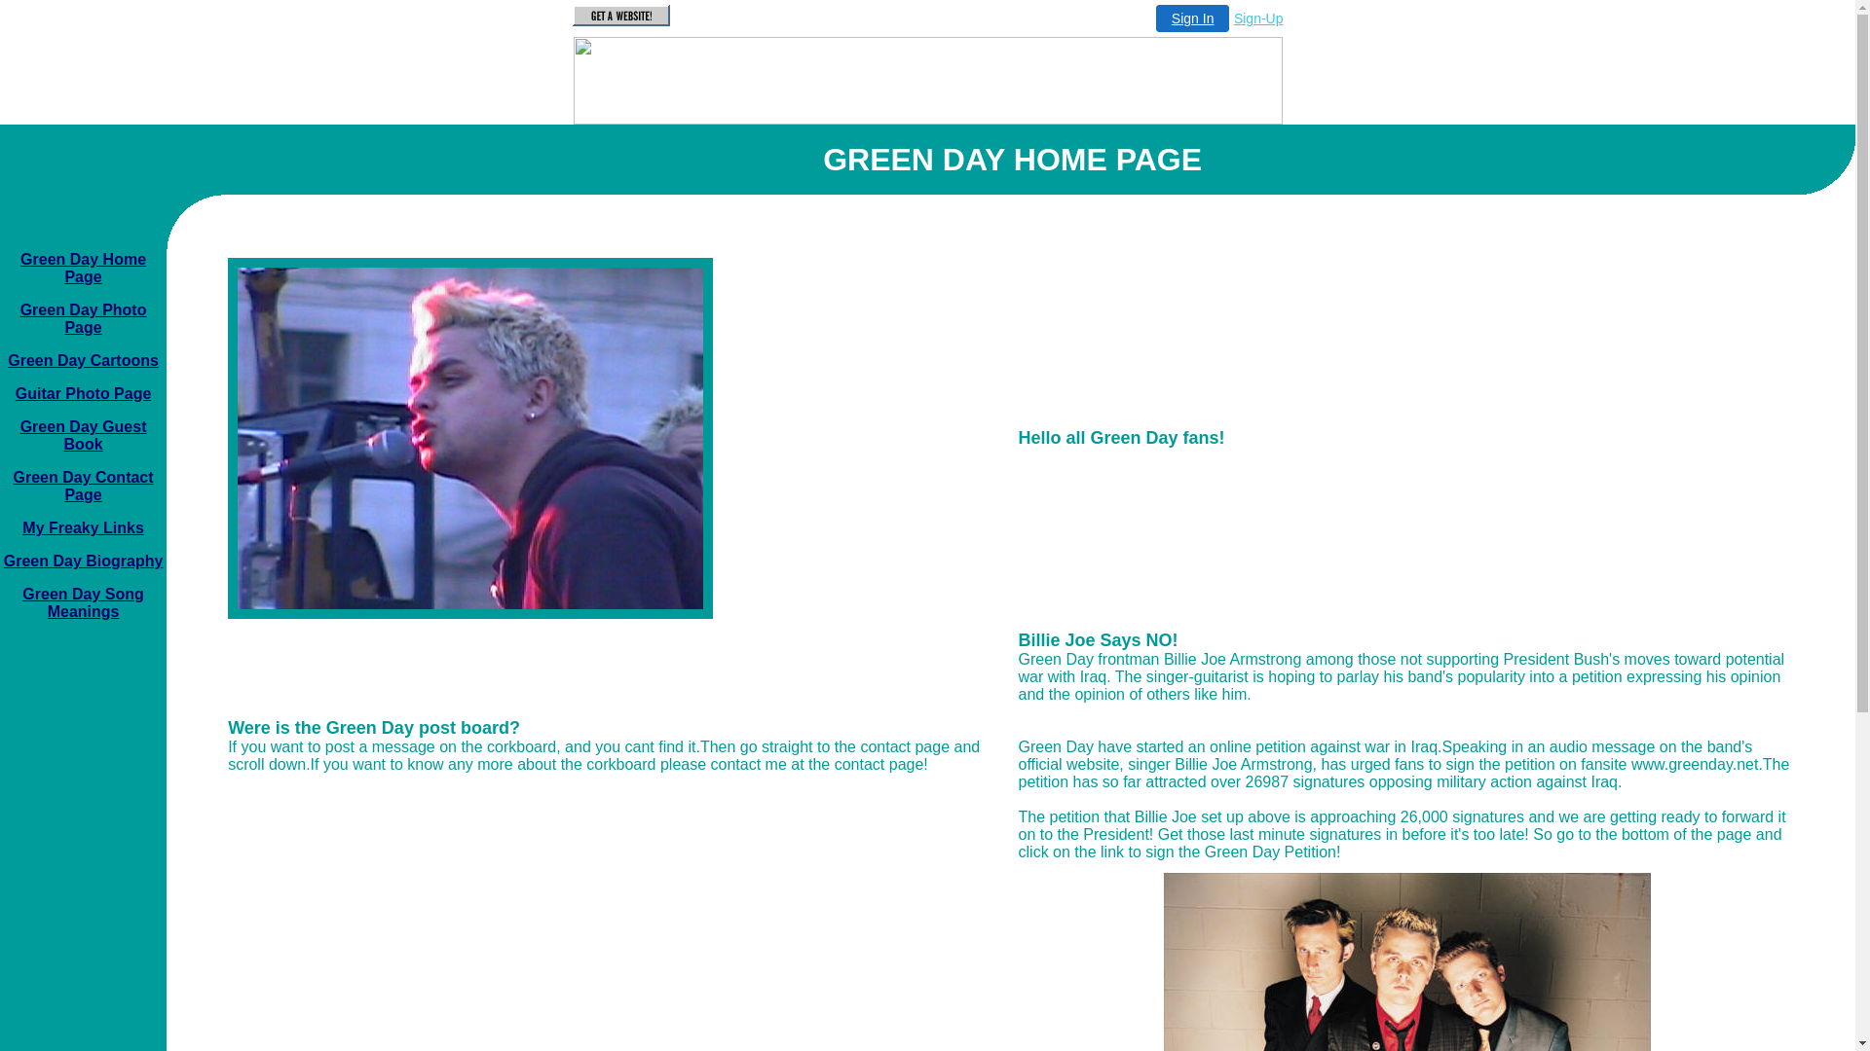 The width and height of the screenshot is (1870, 1051). I want to click on 'Green Day Guest Book', so click(83, 434).